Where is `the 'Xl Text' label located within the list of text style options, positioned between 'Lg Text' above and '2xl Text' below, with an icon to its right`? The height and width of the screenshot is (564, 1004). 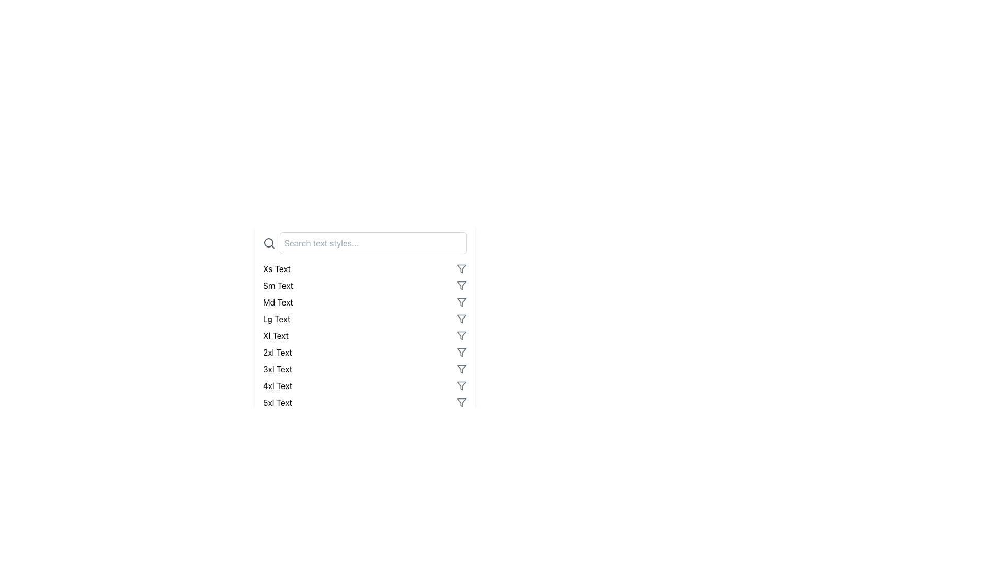 the 'Xl Text' label located within the list of text style options, positioned between 'Lg Text' above and '2xl Text' below, with an icon to its right is located at coordinates (276, 336).